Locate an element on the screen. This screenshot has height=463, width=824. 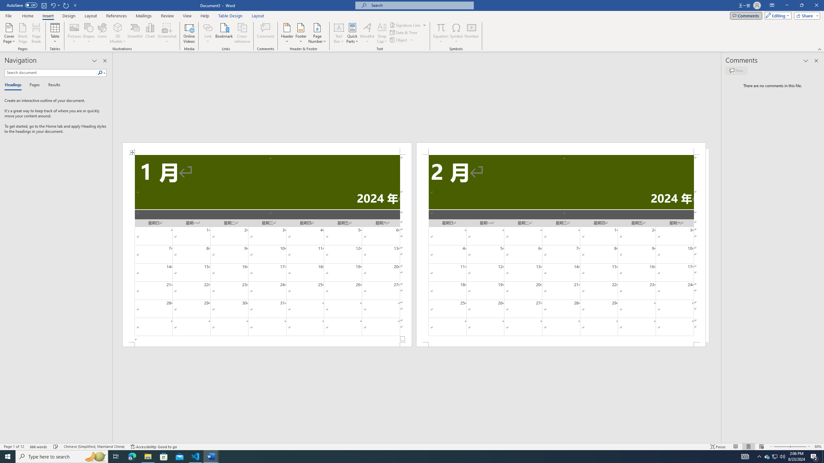
'Header -Section 2-' is located at coordinates (561, 149).